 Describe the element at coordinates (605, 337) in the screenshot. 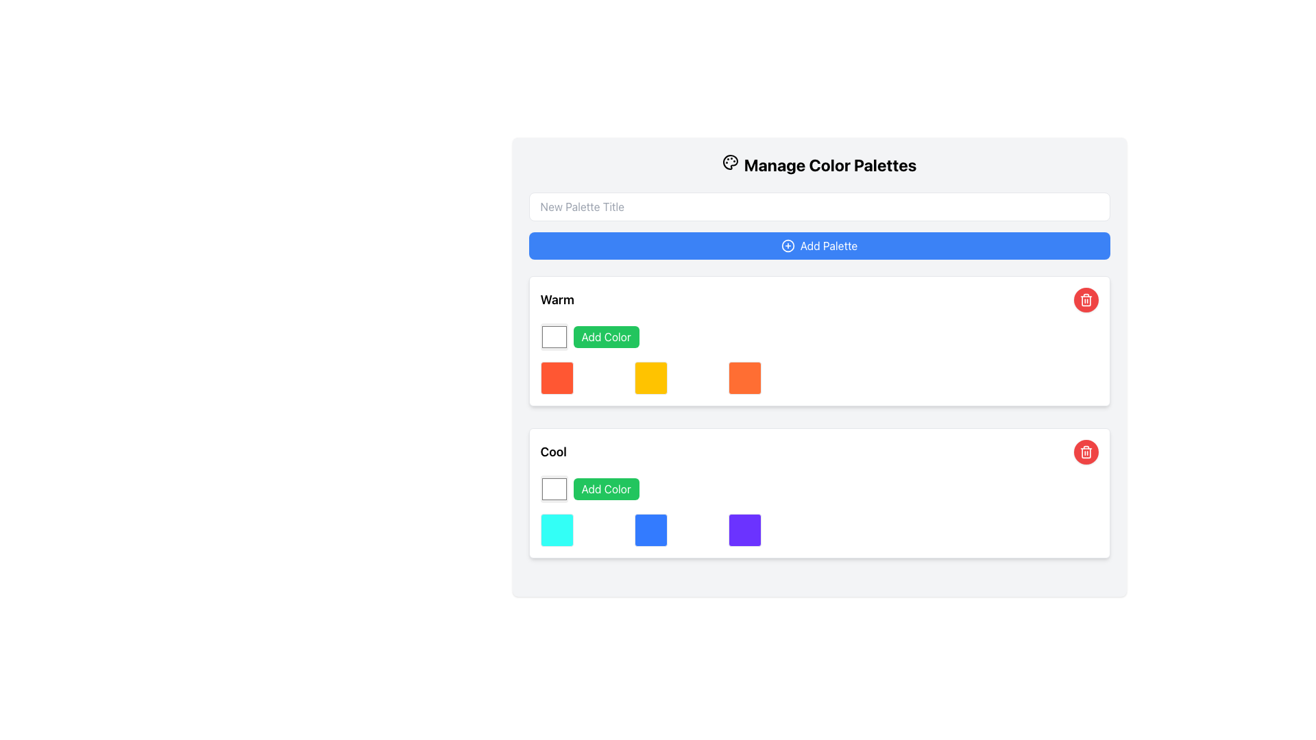

I see `the green rectangular button labeled 'Add Color' to trigger its hover effect, which changes its color to a darker green` at that location.